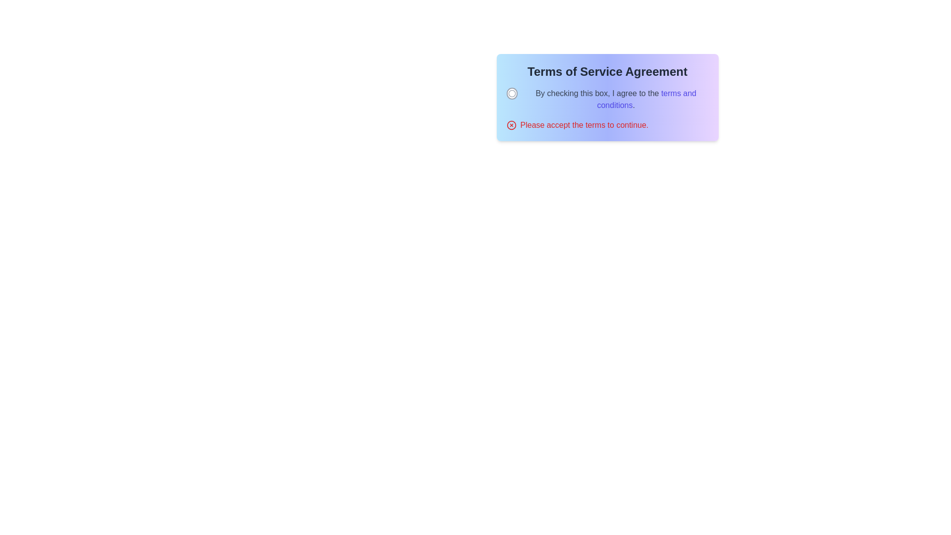  I want to click on warning message displayed in red font stating 'Please accept the terms to continue.' which is located below the checkbox in the 'Terms of Service Agreement' section, so click(607, 125).